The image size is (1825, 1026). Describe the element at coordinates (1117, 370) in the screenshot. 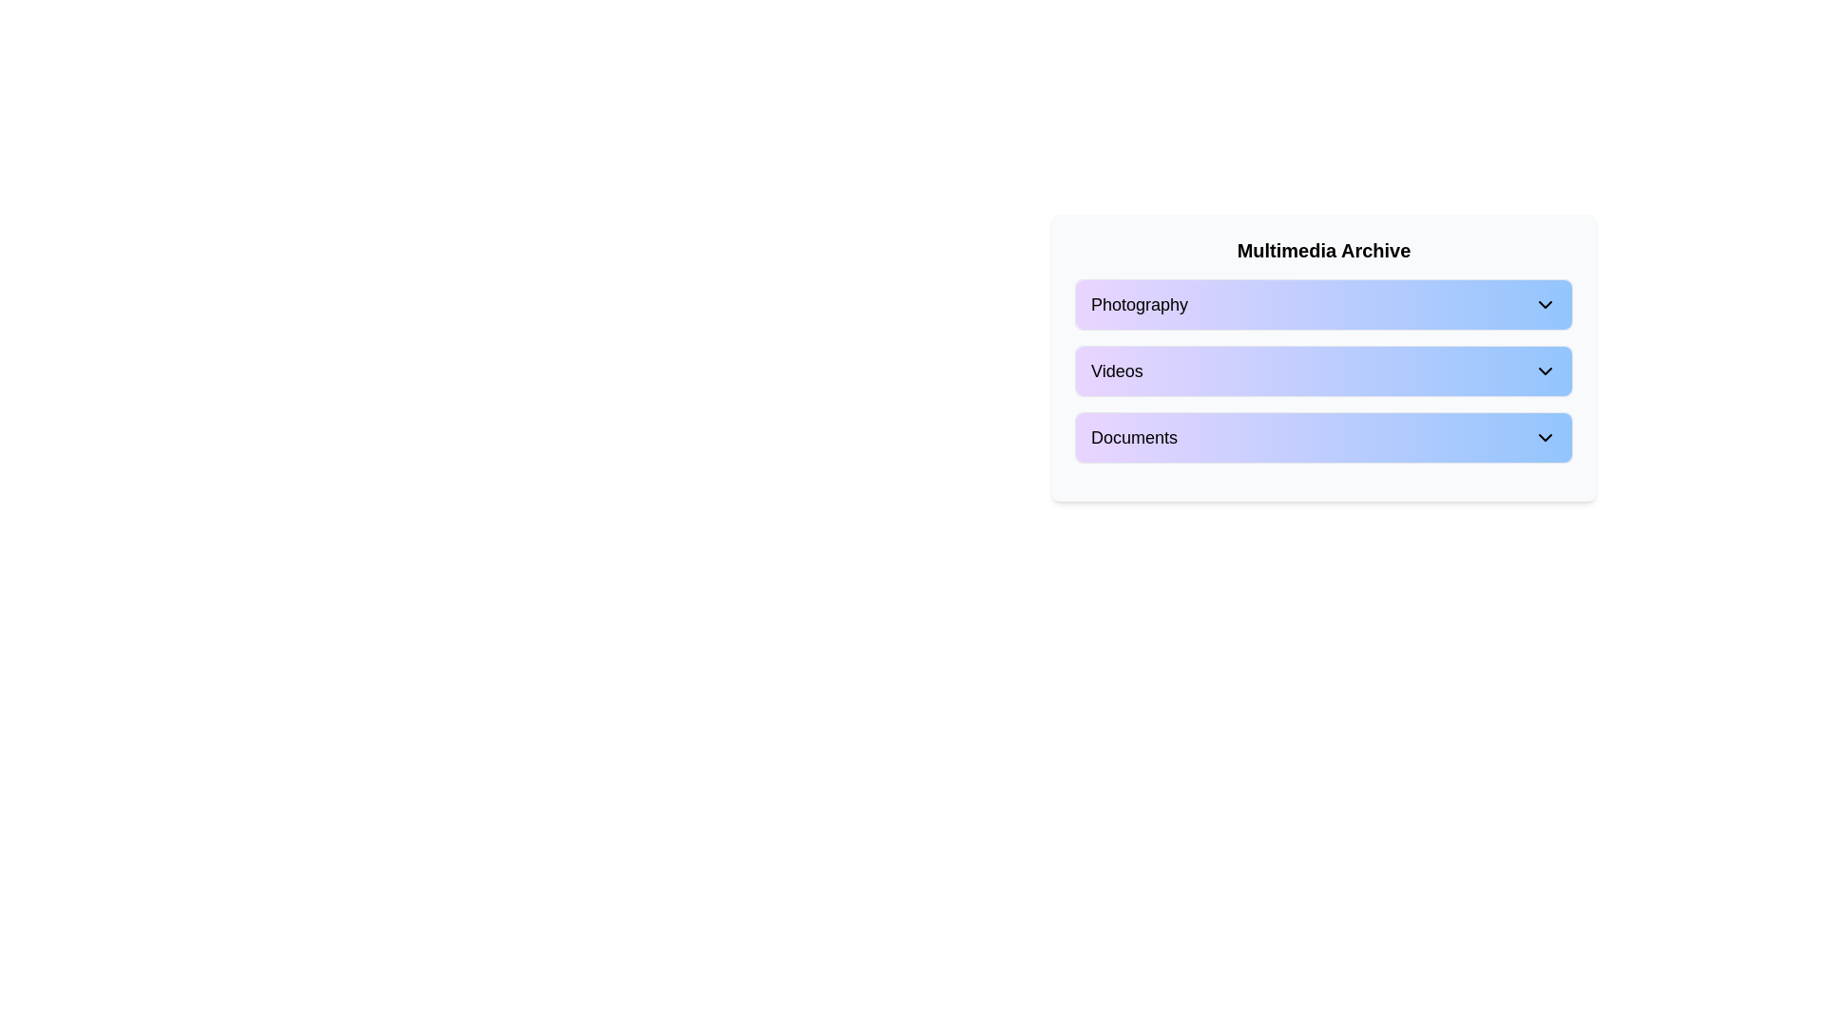

I see `text content of the 'Videos' label, which is displayed in black font against a gradient background in the 'Multimedia Archive' menu` at that location.